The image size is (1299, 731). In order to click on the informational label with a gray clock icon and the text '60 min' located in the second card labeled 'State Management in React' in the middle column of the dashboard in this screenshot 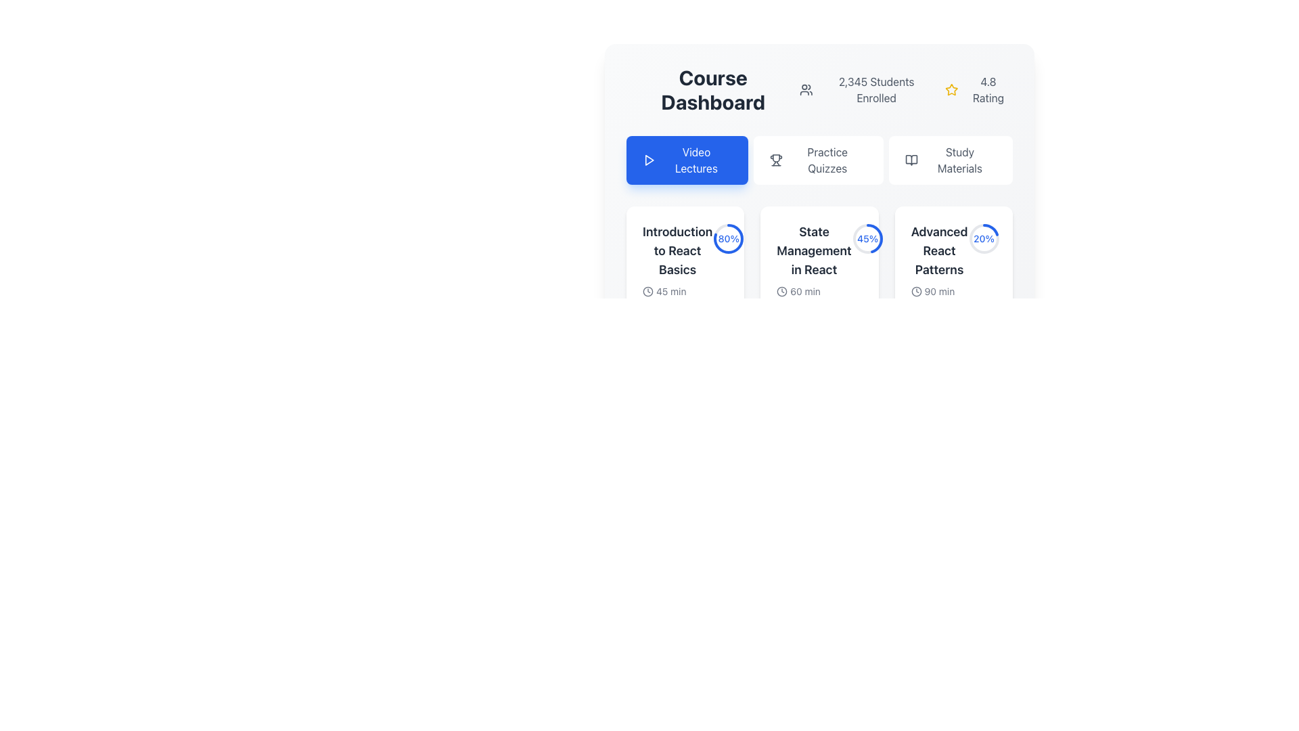, I will do `click(813, 291)`.